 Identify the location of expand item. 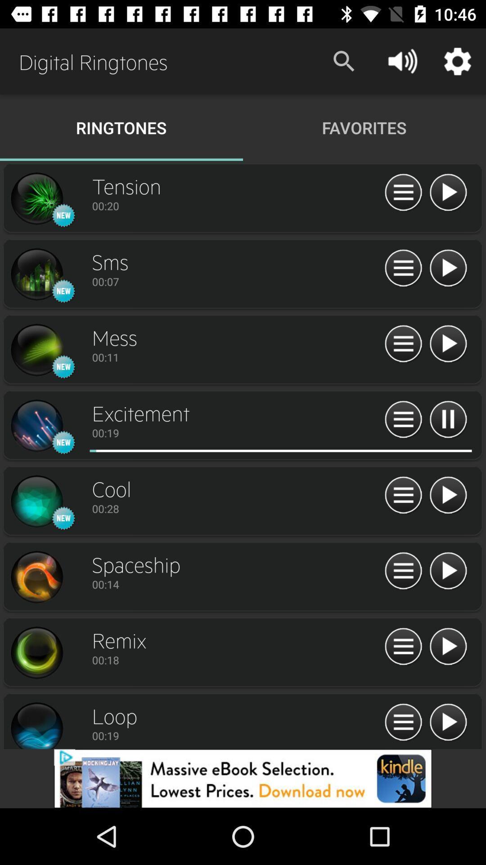
(403, 268).